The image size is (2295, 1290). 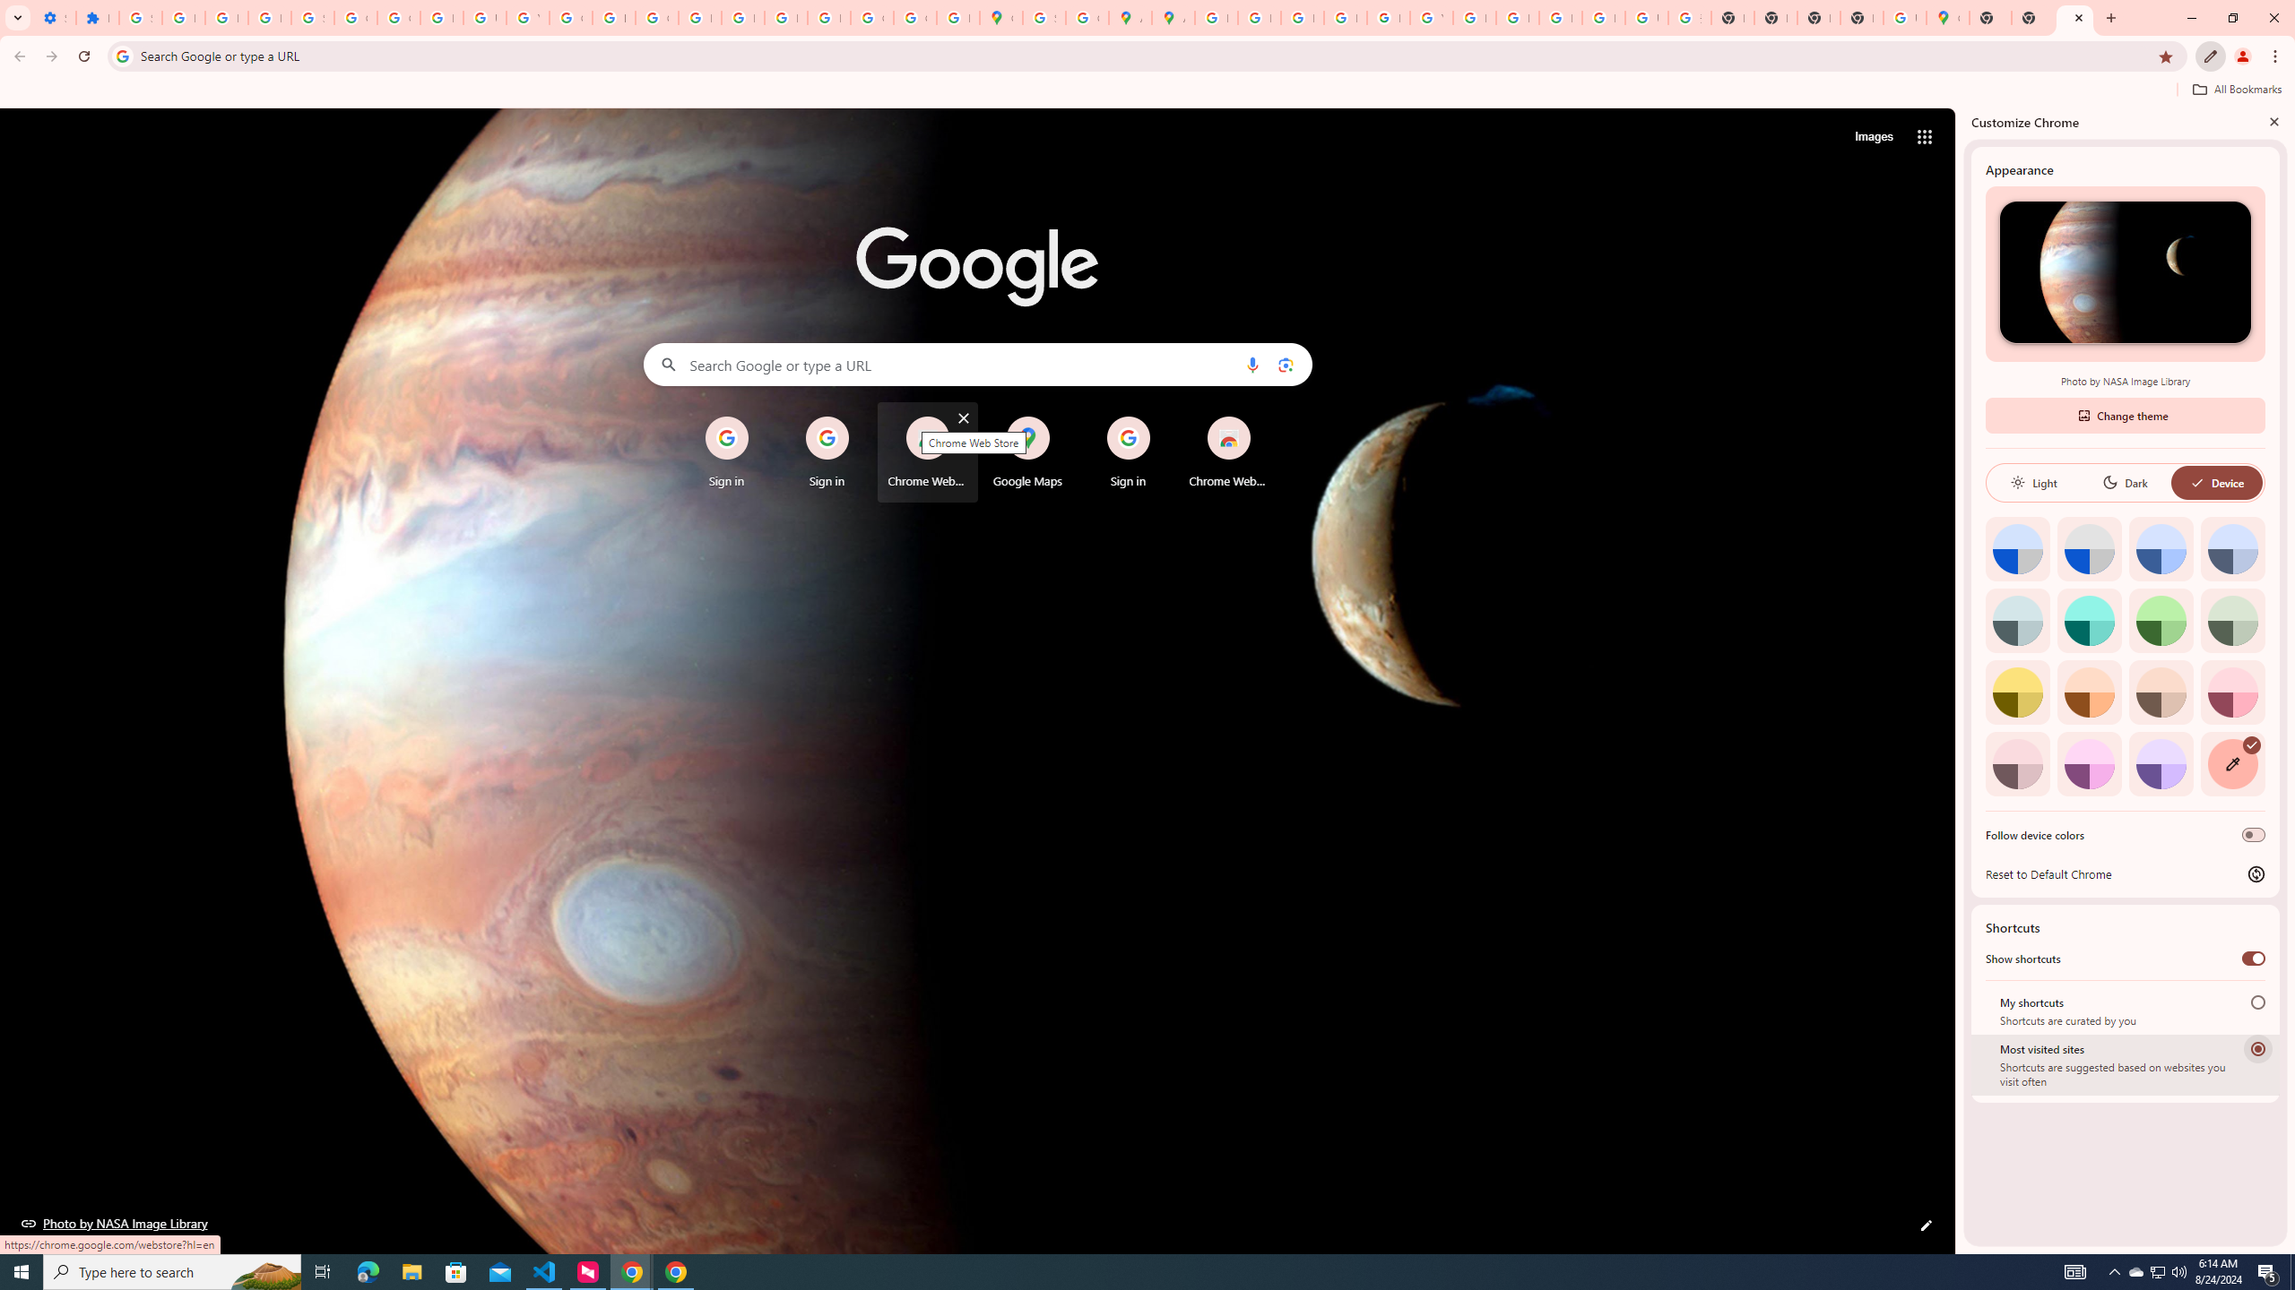 I want to click on 'Custom color', so click(x=2232, y=762).